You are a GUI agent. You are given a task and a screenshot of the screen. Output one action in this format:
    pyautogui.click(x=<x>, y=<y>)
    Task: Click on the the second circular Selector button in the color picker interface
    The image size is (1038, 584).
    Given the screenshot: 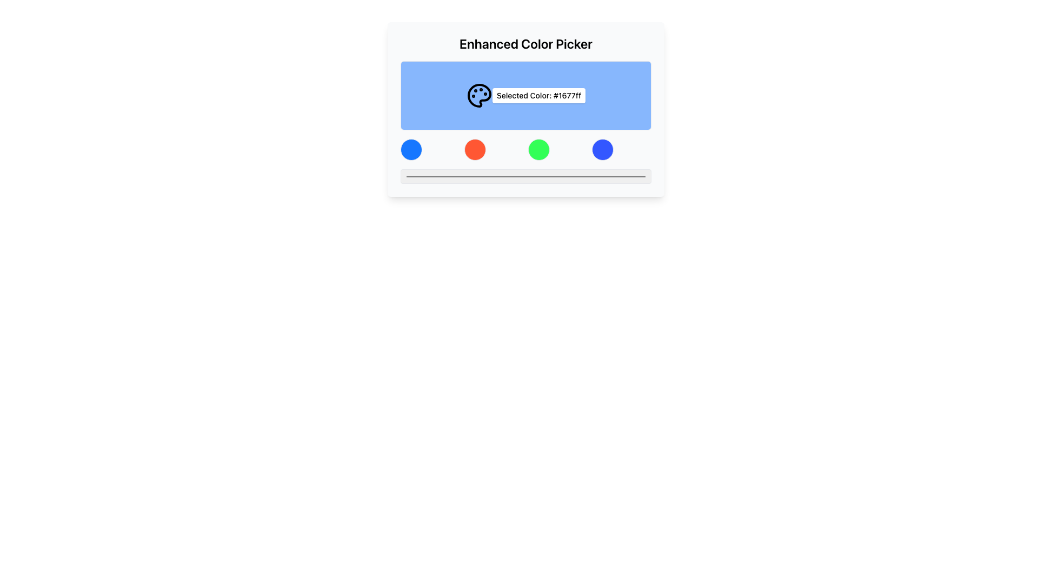 What is the action you would take?
    pyautogui.click(x=475, y=150)
    